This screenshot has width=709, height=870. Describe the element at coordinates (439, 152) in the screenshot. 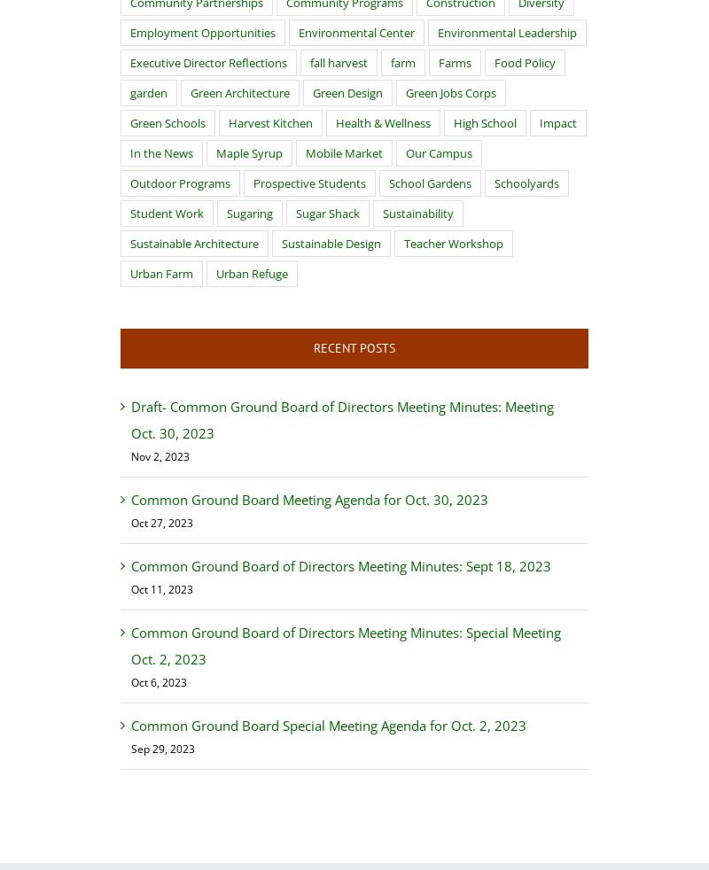

I see `'Our Campus'` at that location.